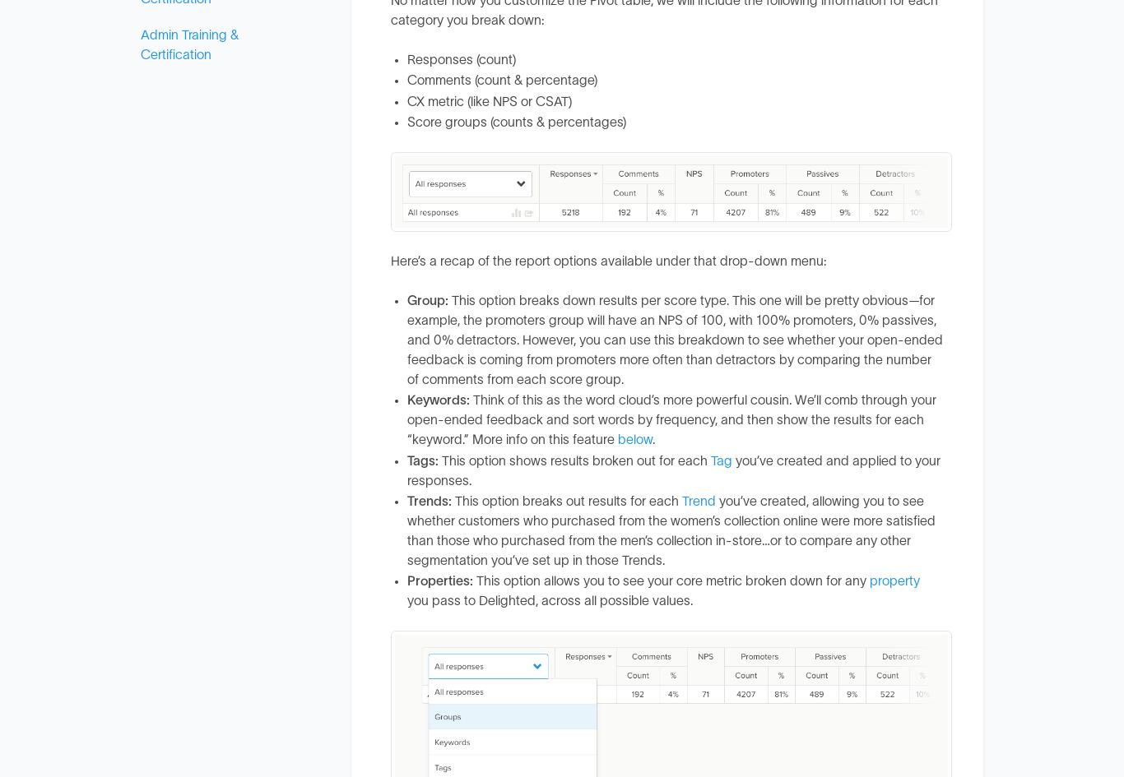 Image resolution: width=1124 pixels, height=777 pixels. Describe the element at coordinates (549, 600) in the screenshot. I see `'you pass to Delighted, across all possible values.'` at that location.